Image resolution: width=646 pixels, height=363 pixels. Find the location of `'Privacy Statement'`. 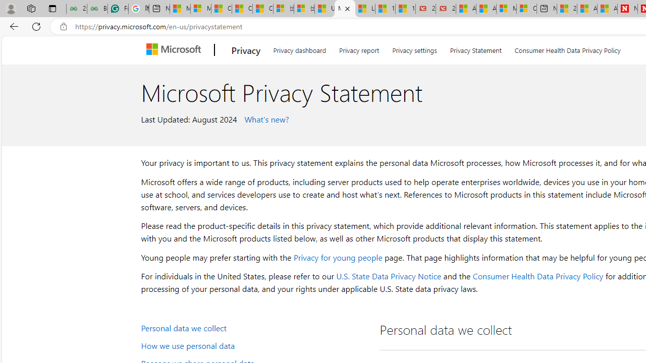

'Privacy Statement' is located at coordinates (475, 48).